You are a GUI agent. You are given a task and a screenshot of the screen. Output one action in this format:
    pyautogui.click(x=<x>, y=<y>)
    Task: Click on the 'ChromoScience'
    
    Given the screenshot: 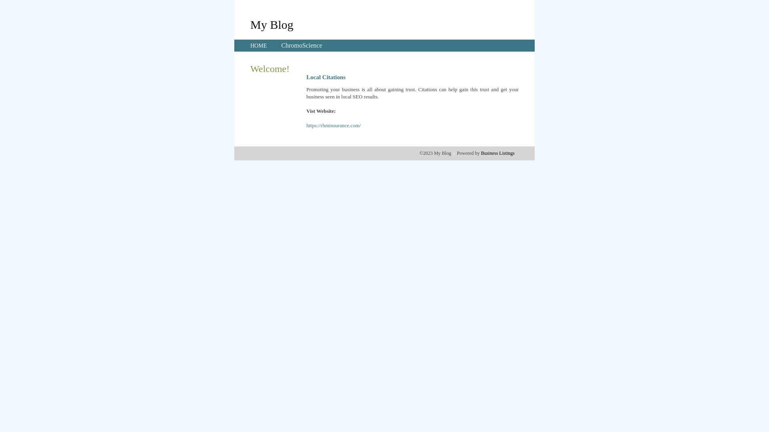 What is the action you would take?
    pyautogui.click(x=301, y=45)
    